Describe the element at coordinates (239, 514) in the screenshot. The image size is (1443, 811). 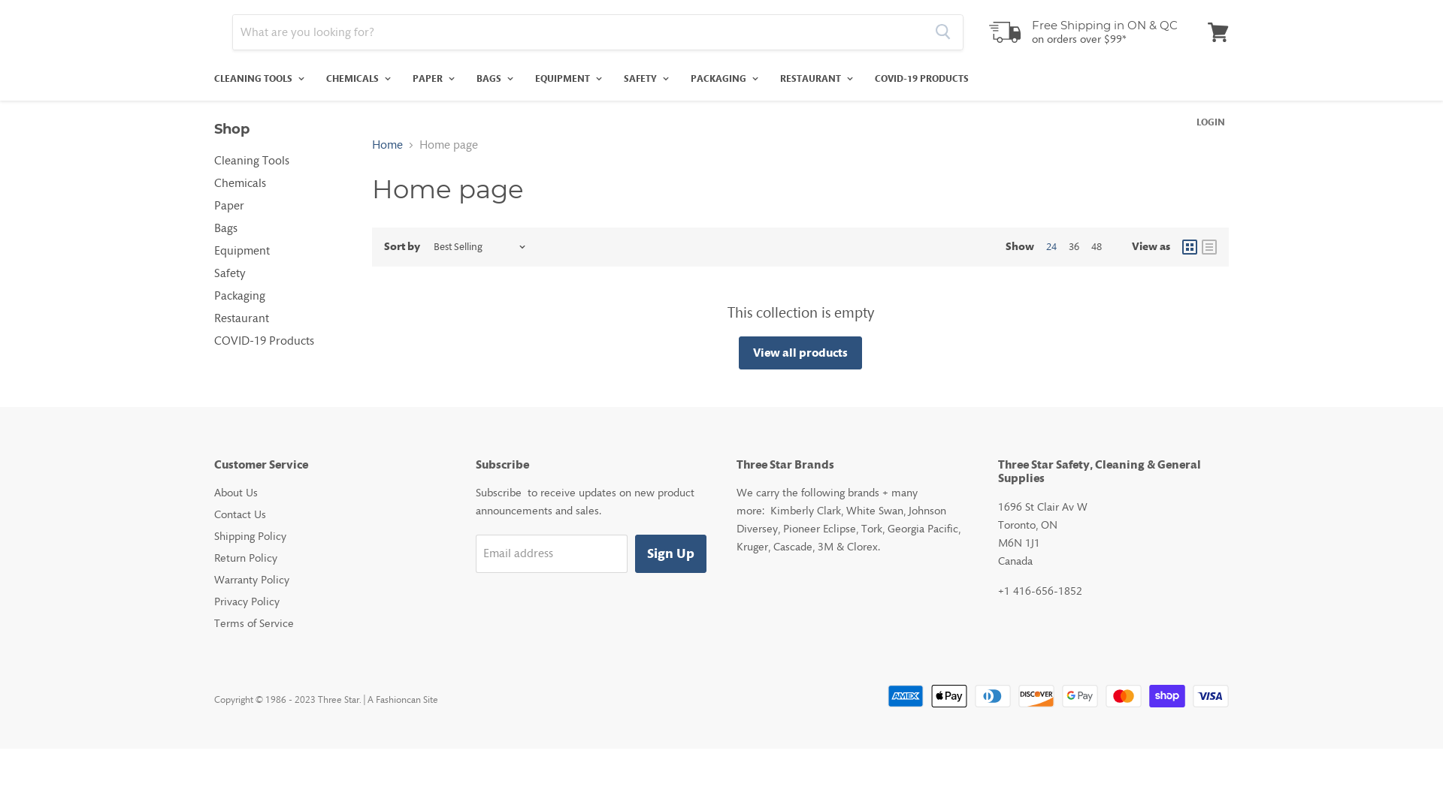
I see `'Contact Us'` at that location.